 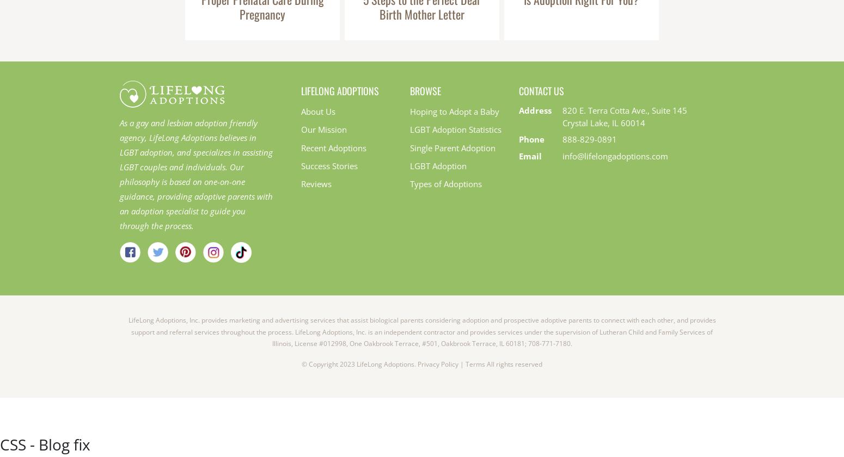 I want to click on 'Contact Us', so click(x=540, y=90).